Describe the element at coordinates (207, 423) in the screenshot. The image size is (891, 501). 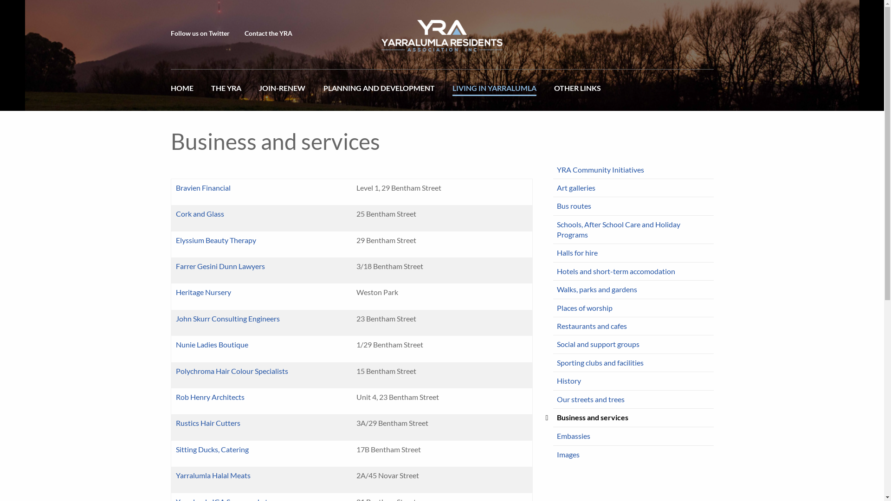
I see `'Rustics Hair Cutters'` at that location.